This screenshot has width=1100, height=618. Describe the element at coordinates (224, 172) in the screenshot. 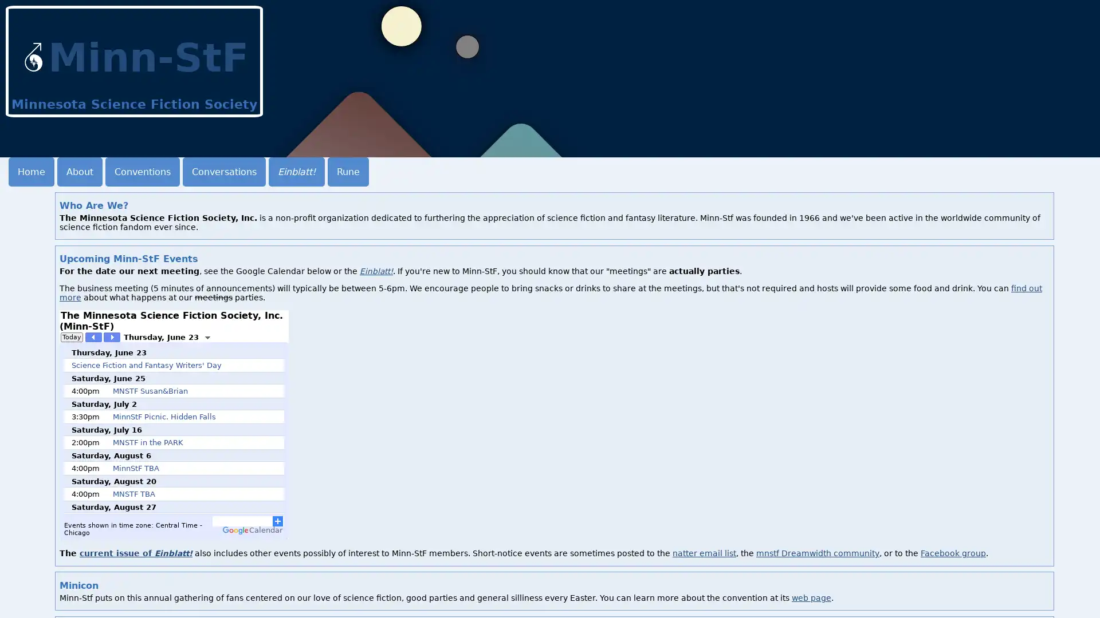

I see `Conversations` at that location.